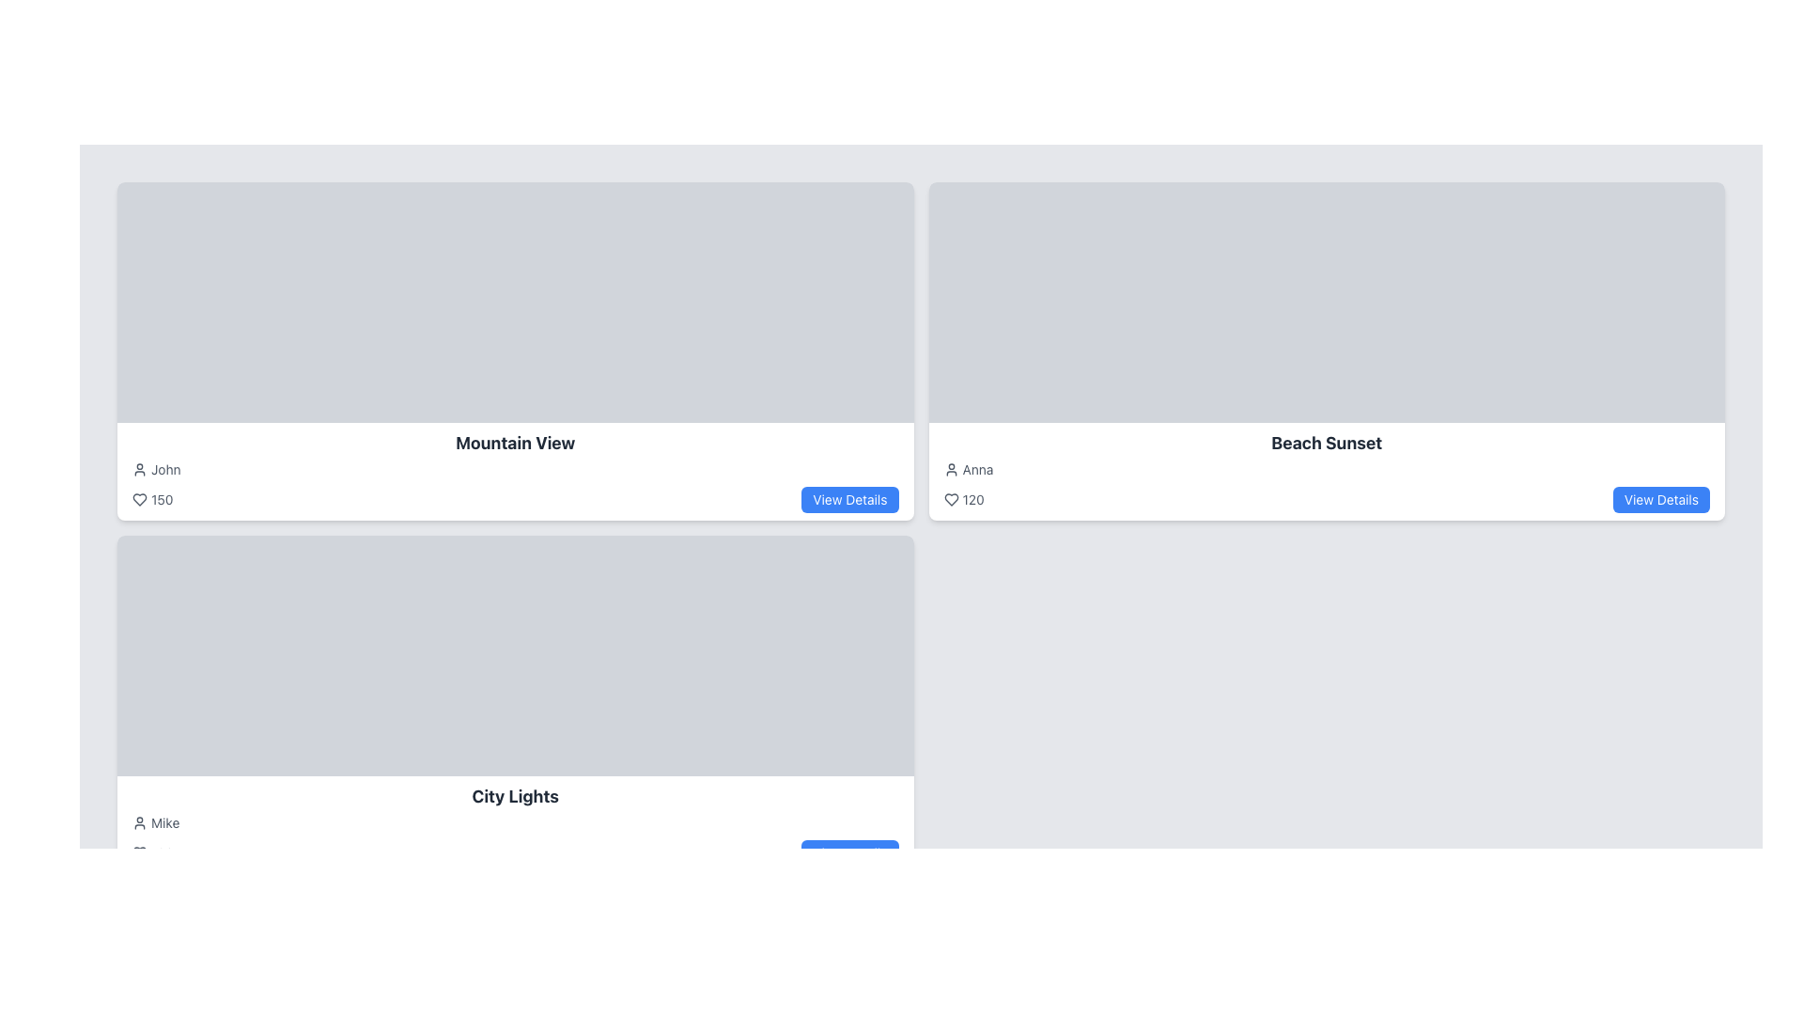 This screenshot has height=1015, width=1804. I want to click on the blue 'View Details' button with rounded corners located in the bottom-right corner of the 'City Lights' card, so click(848, 852).